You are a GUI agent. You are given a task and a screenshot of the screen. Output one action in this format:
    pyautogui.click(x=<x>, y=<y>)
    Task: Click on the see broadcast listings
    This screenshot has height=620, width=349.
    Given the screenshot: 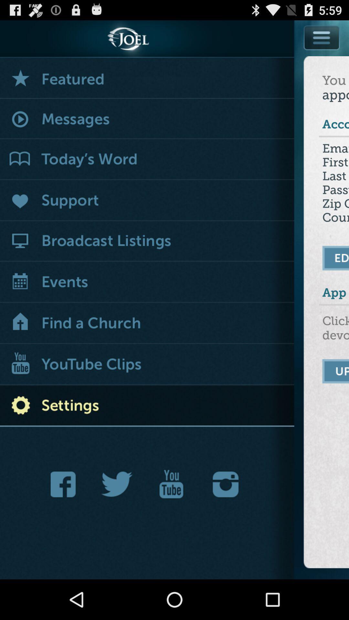 What is the action you would take?
    pyautogui.click(x=147, y=241)
    